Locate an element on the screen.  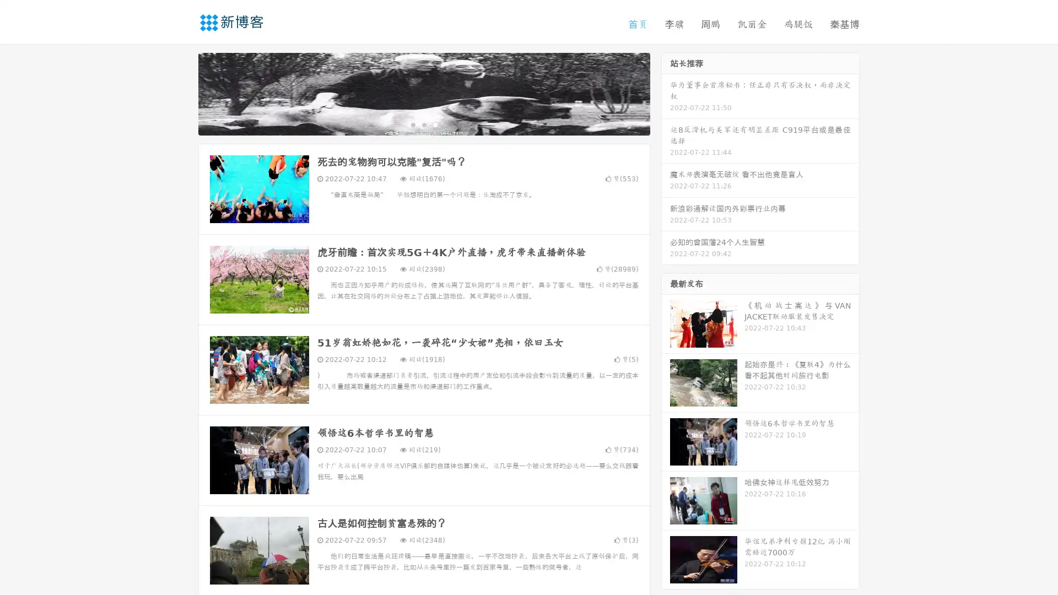
Go to slide 1 is located at coordinates (412, 124).